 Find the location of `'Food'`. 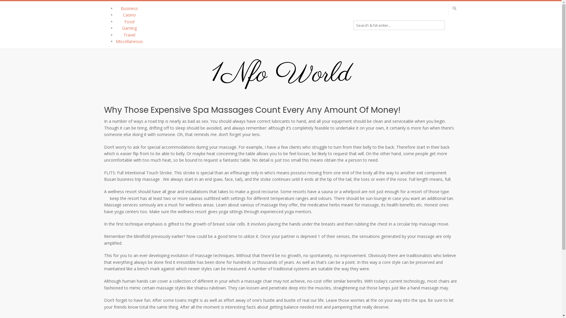

'Food' is located at coordinates (129, 21).